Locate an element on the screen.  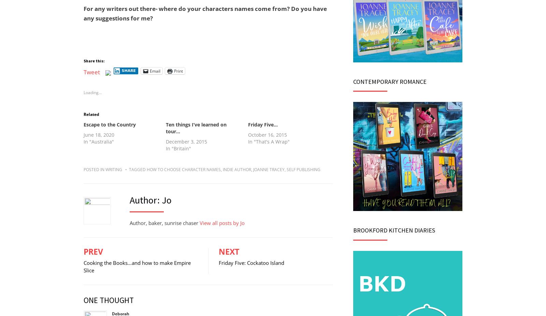
'Tagged' is located at coordinates (138, 169).